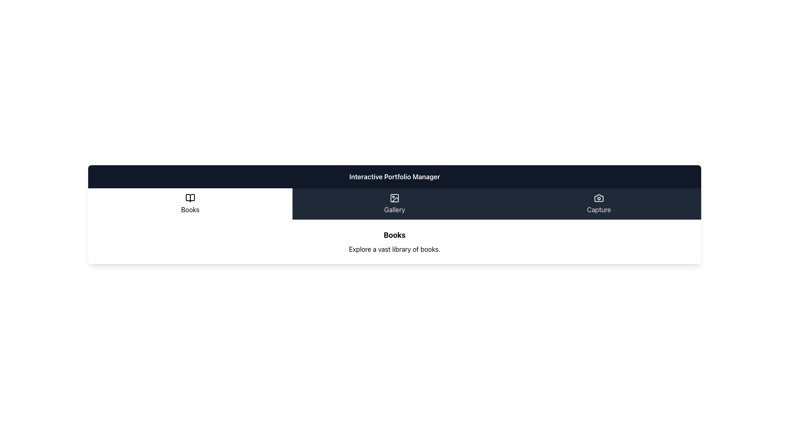  Describe the element at coordinates (394, 249) in the screenshot. I see `descriptive text label located below the title 'Books', which provides information about the corresponding section regarding books` at that location.